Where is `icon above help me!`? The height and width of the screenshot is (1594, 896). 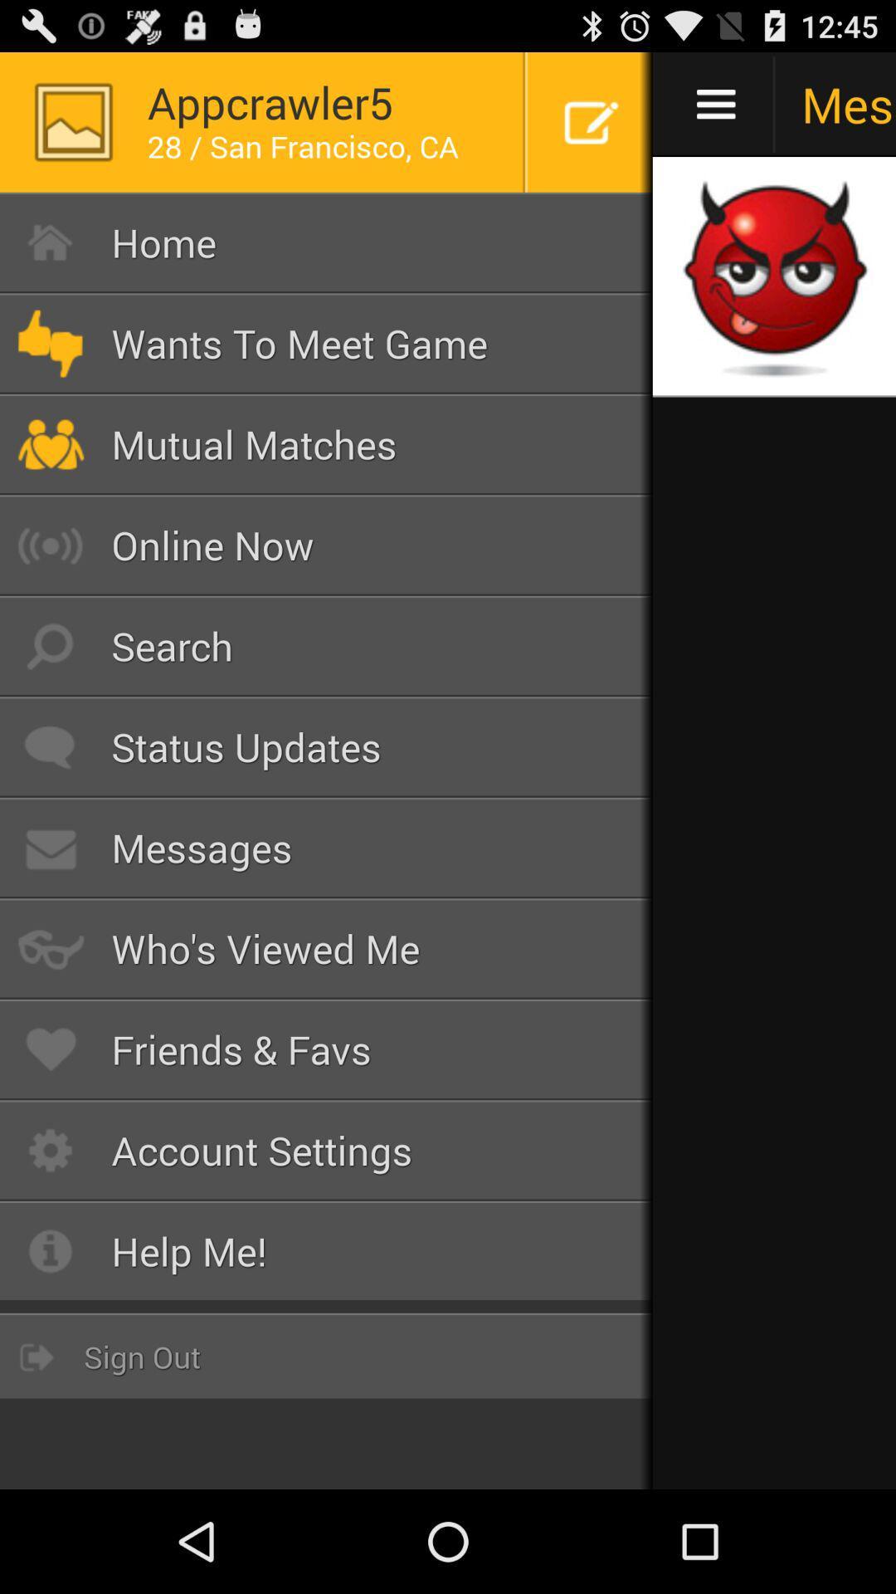
icon above help me! is located at coordinates (326, 1150).